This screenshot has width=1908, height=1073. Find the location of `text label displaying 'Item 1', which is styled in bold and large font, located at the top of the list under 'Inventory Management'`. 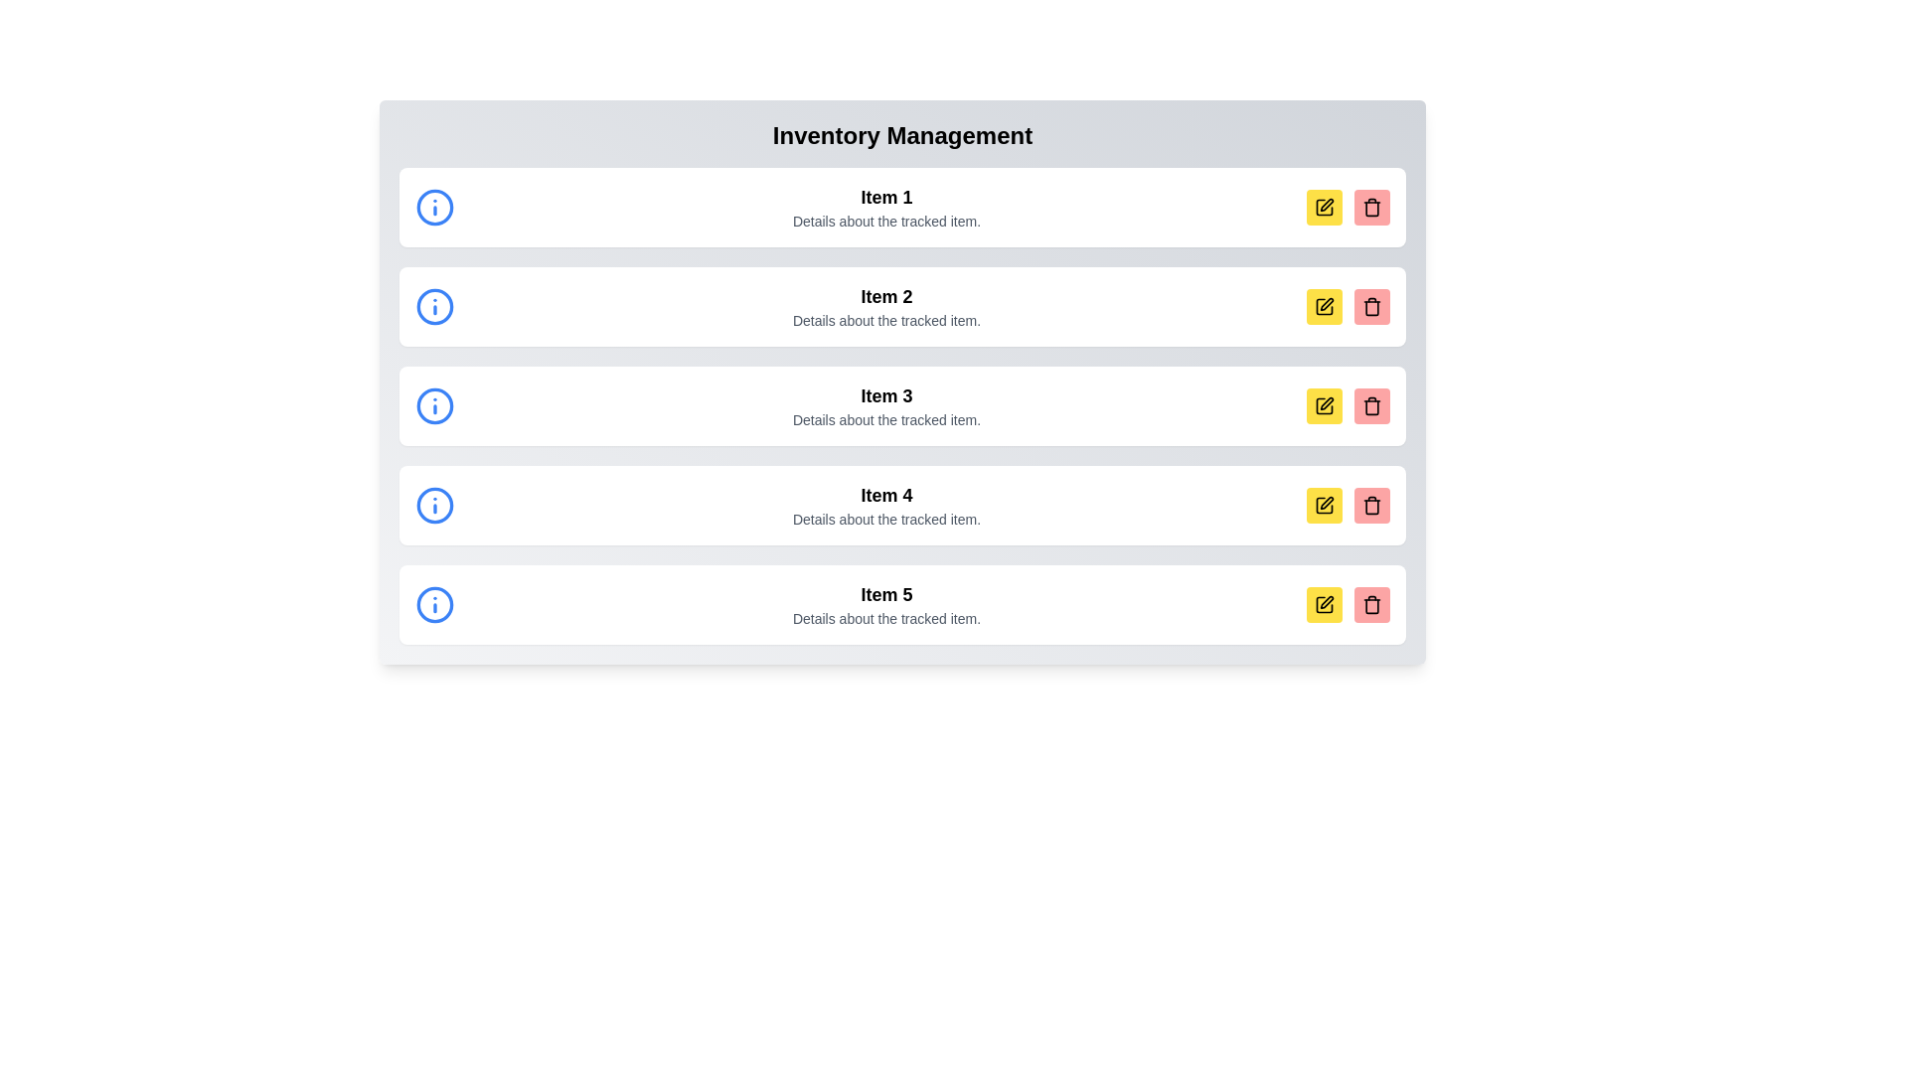

text label displaying 'Item 1', which is styled in bold and large font, located at the top of the list under 'Inventory Management' is located at coordinates (885, 198).